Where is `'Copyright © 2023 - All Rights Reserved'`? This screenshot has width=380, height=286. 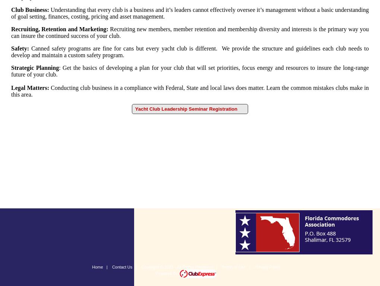 'Copyright © 2023 - All Rights Reserved' is located at coordinates (177, 267).